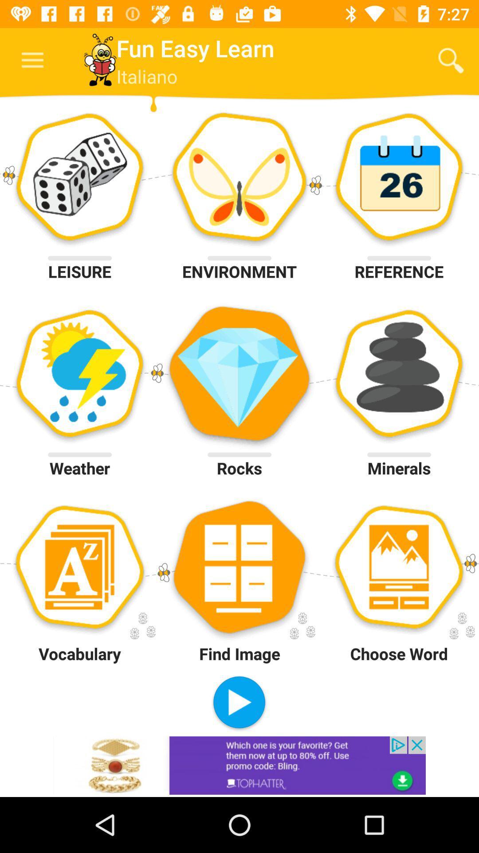 Image resolution: width=479 pixels, height=853 pixels. What do you see at coordinates (239, 703) in the screenshot?
I see `next page` at bounding box center [239, 703].